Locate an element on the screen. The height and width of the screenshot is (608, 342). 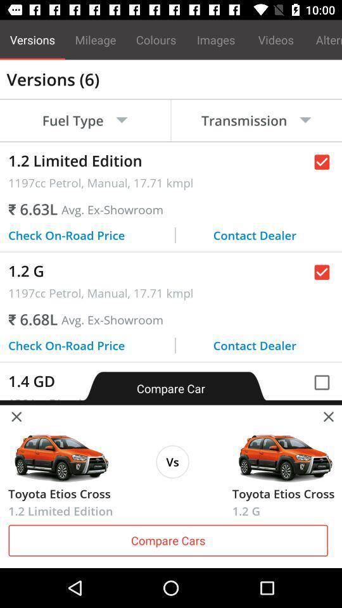
the close icon is located at coordinates (16, 415).